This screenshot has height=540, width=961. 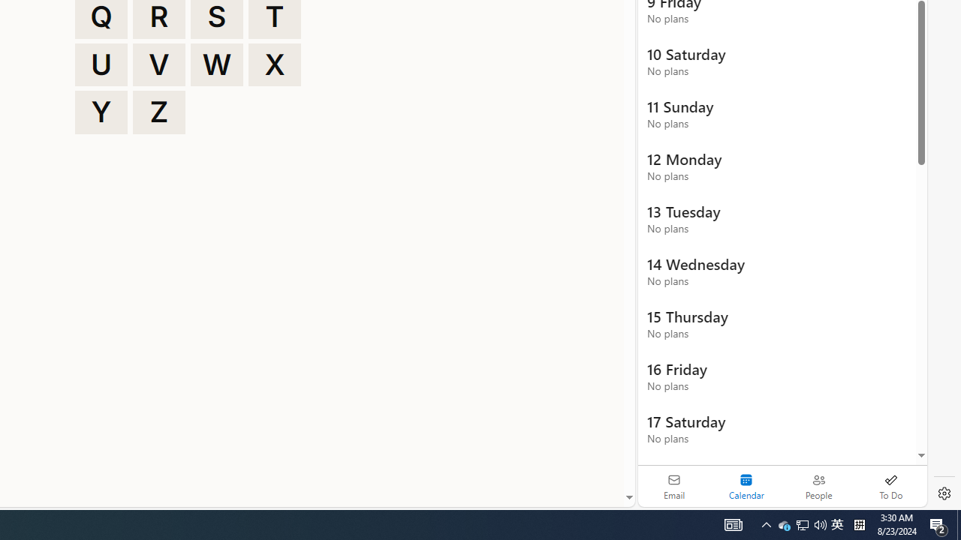 What do you see at coordinates (159, 64) in the screenshot?
I see `'V'` at bounding box center [159, 64].